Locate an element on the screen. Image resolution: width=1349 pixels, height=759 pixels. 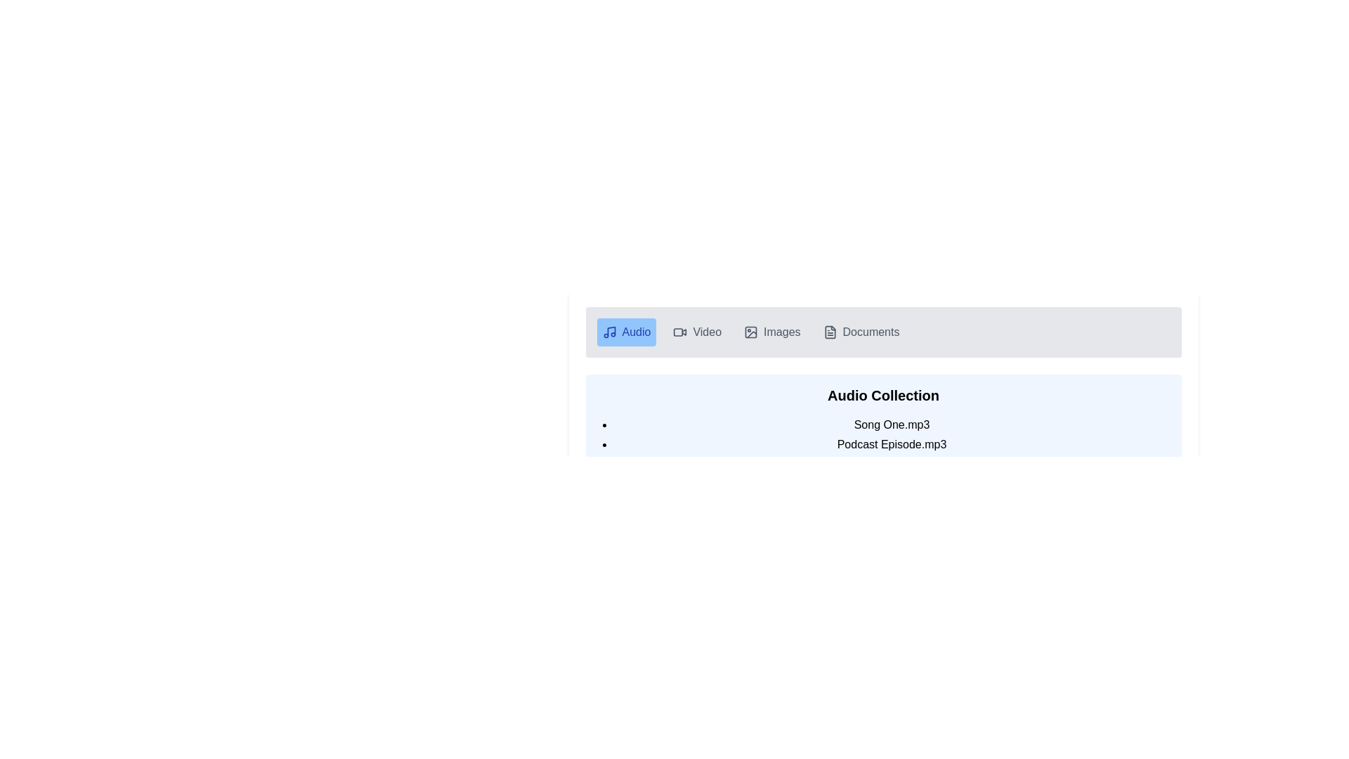
the 'Images' button, which is the third button in a row of four buttons (Audio, Video, Images, Documents) is located at coordinates (771, 332).